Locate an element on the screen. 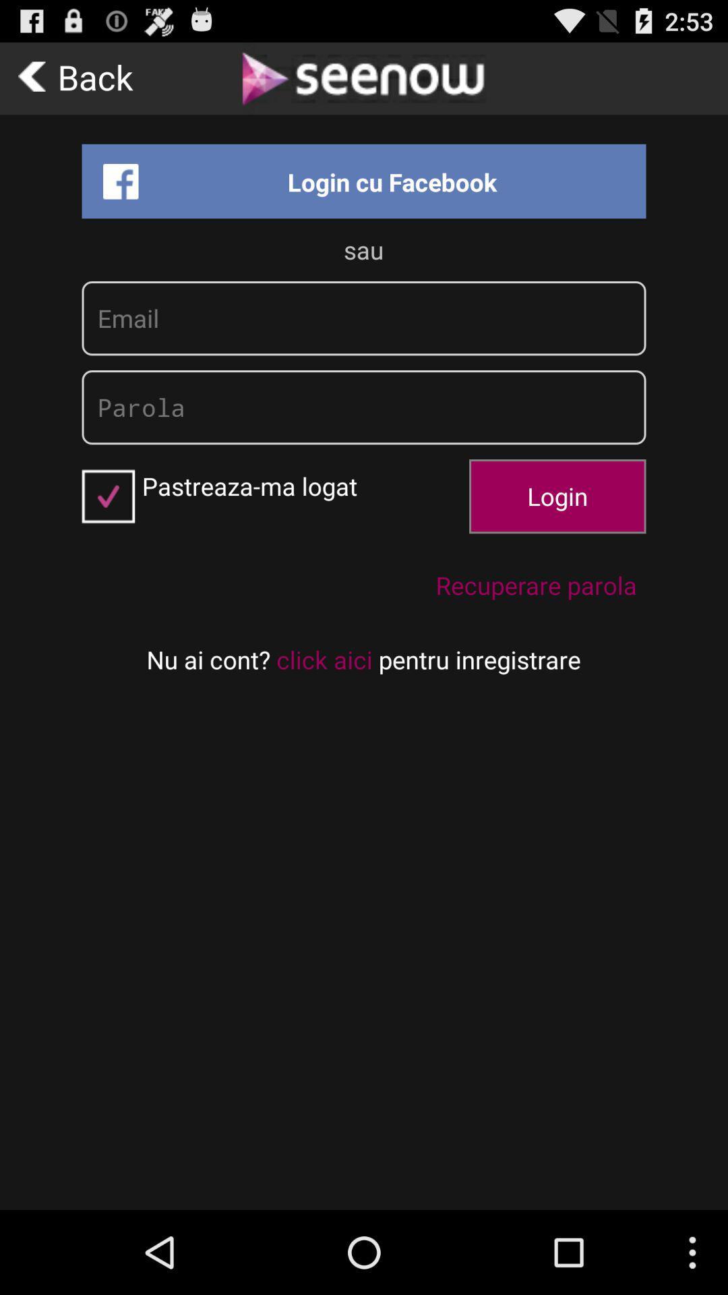  input password is located at coordinates (364, 407).